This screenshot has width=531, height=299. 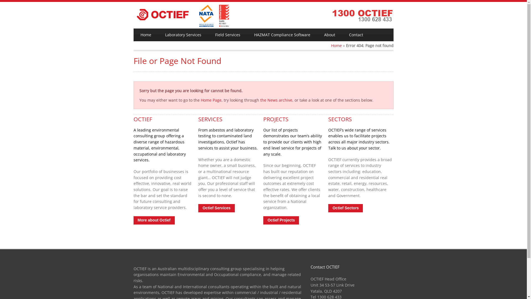 I want to click on 'Contact', so click(x=356, y=35).